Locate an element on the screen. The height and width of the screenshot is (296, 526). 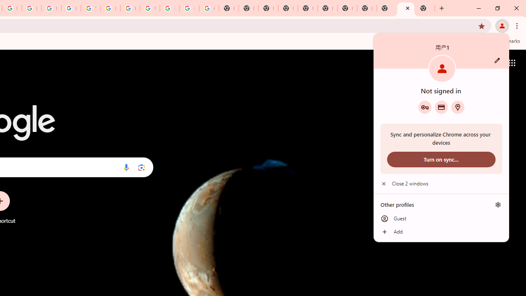
'Search by image' is located at coordinates (141, 167).